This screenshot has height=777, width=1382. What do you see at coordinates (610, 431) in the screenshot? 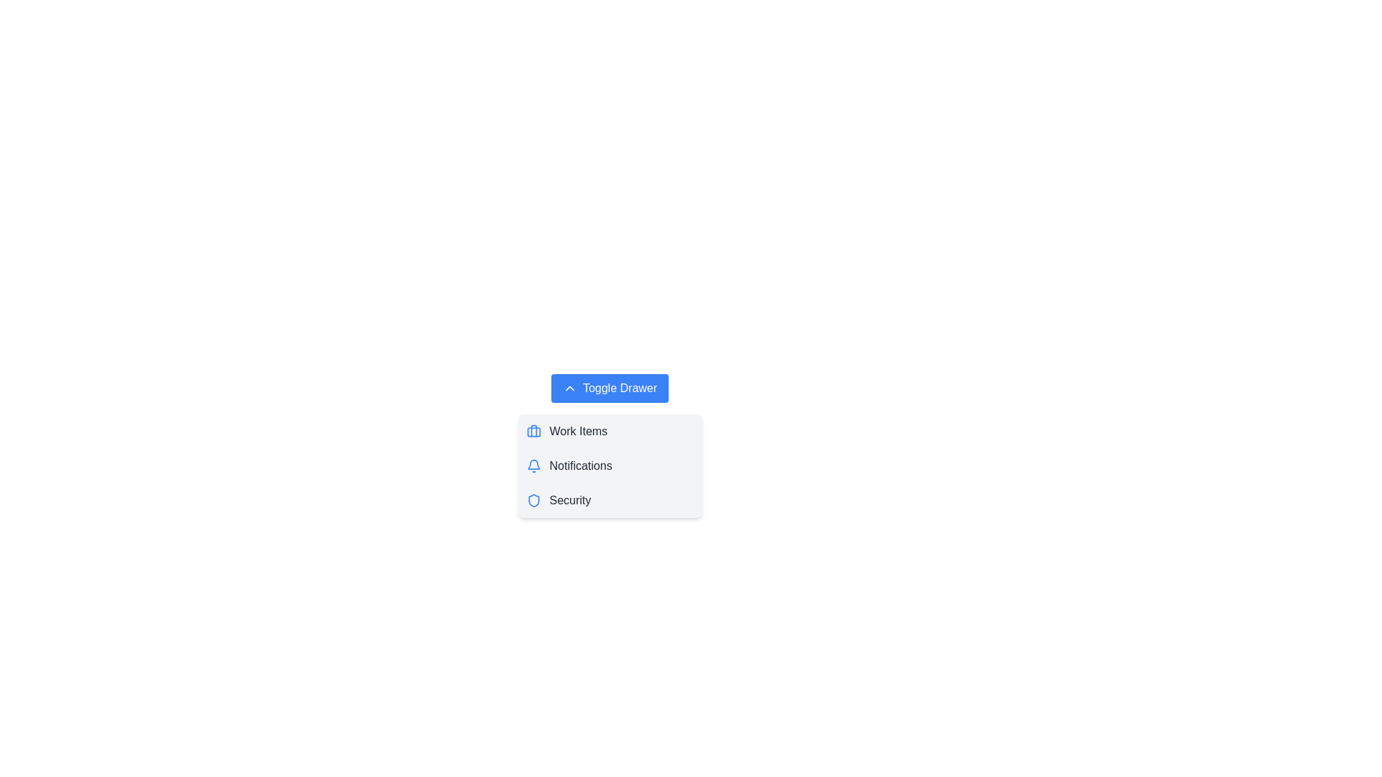
I see `the menu item Work Items in the drawer` at bounding box center [610, 431].